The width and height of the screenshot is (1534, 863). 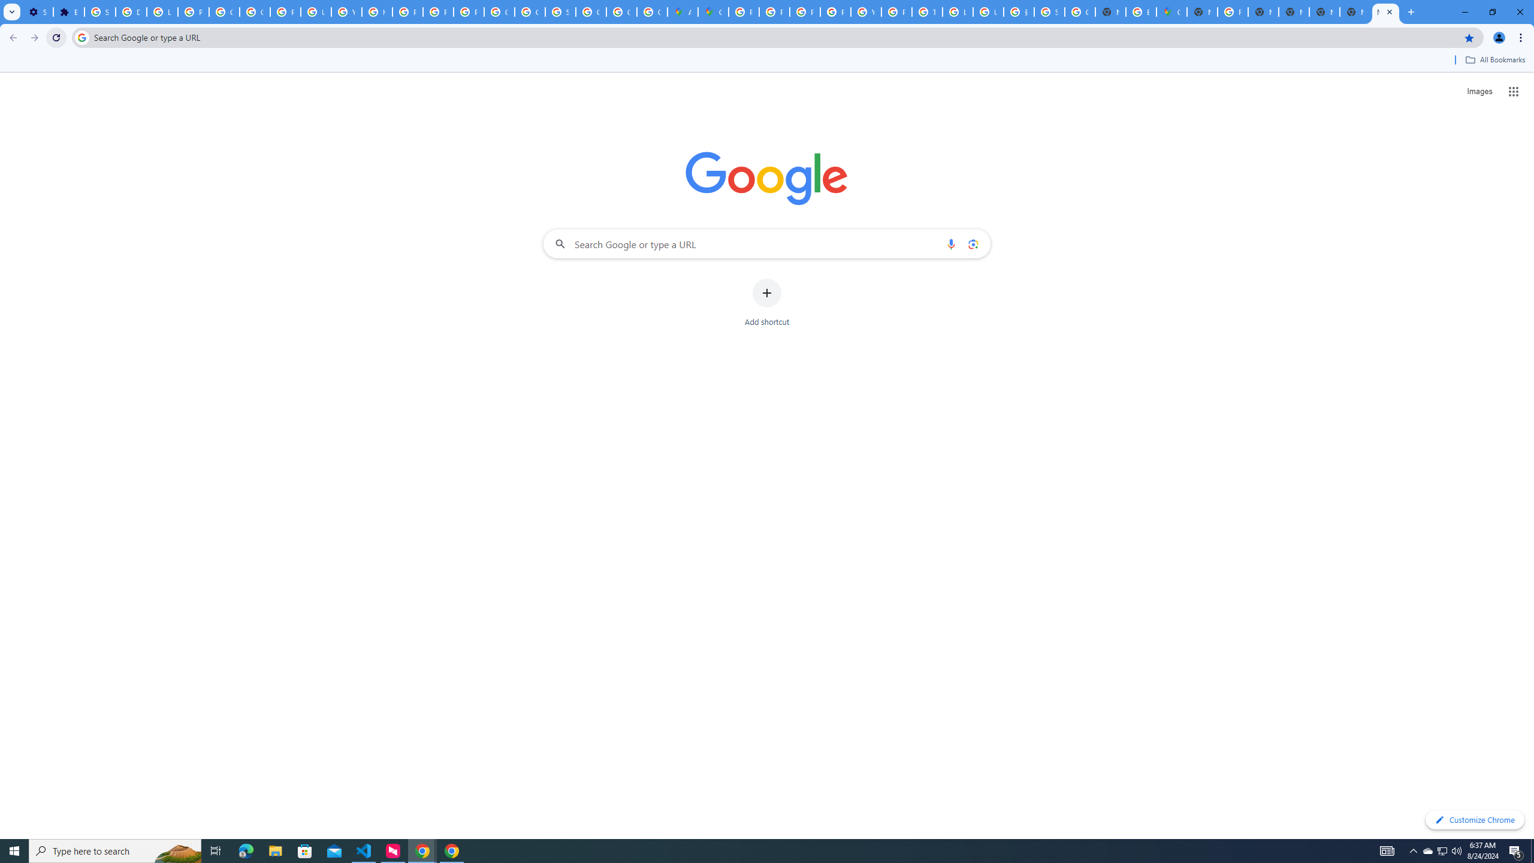 I want to click on 'Add shortcut', so click(x=767, y=303).